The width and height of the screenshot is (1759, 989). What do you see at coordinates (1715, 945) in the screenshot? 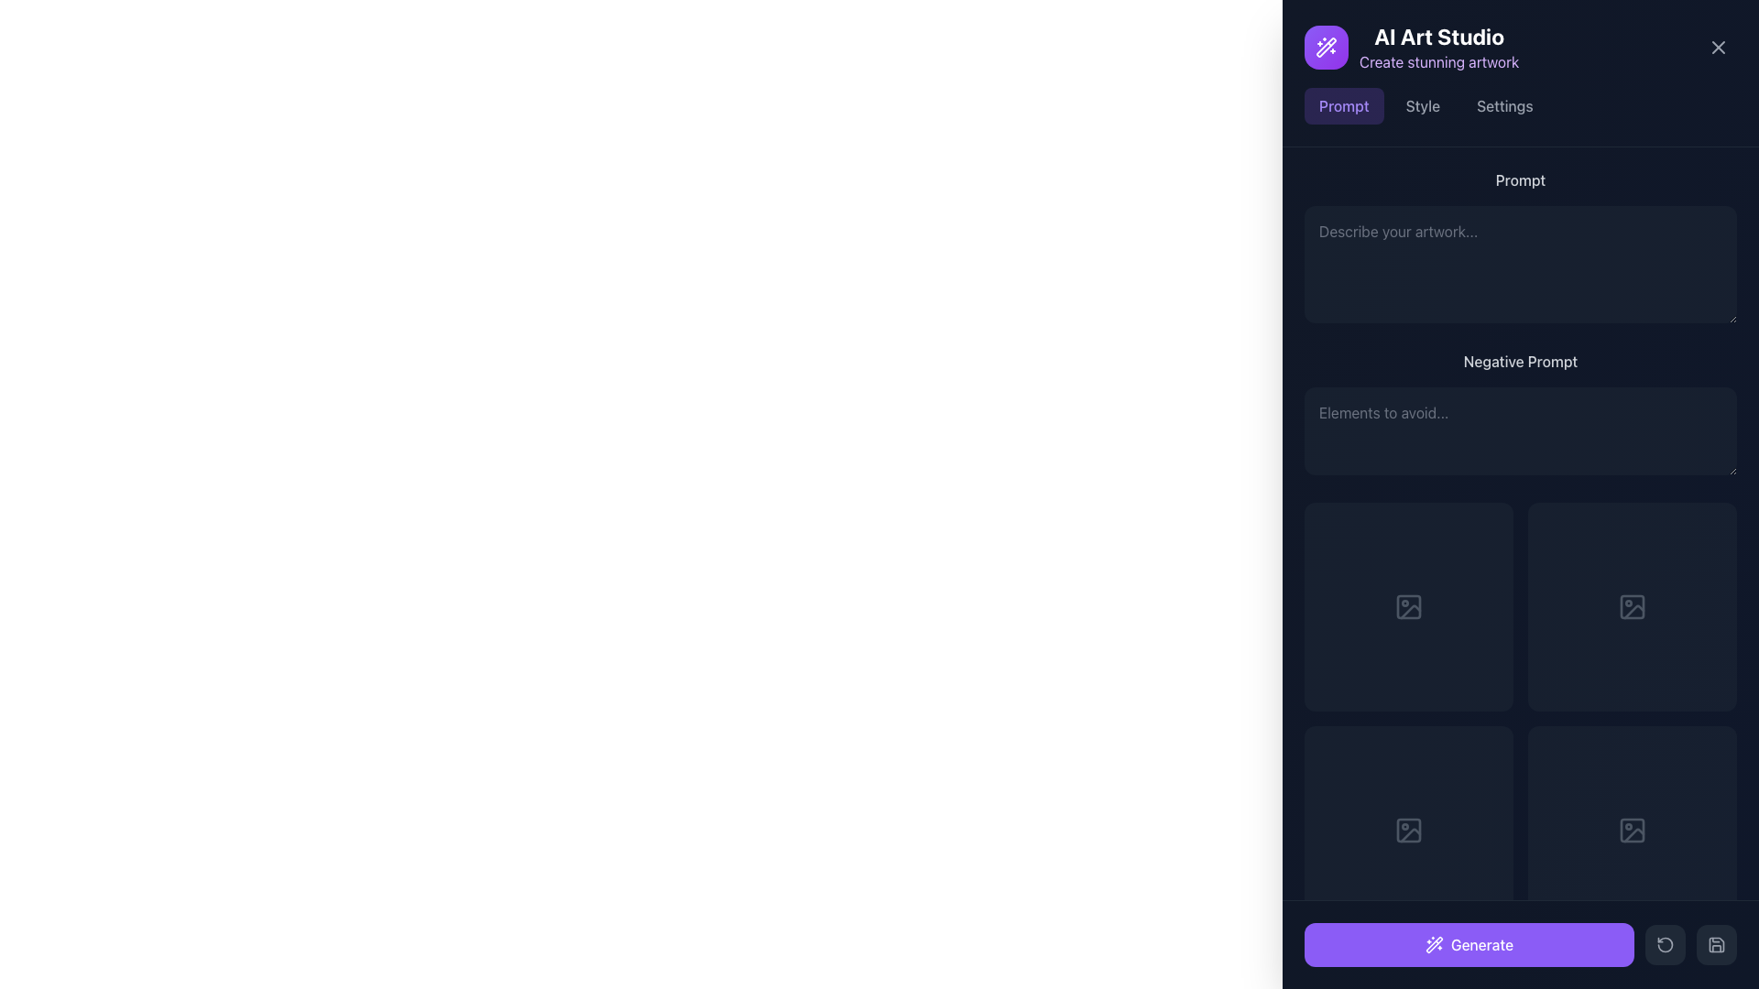
I see `the button with a save icon located at the bottom-right corner of the interface` at bounding box center [1715, 945].